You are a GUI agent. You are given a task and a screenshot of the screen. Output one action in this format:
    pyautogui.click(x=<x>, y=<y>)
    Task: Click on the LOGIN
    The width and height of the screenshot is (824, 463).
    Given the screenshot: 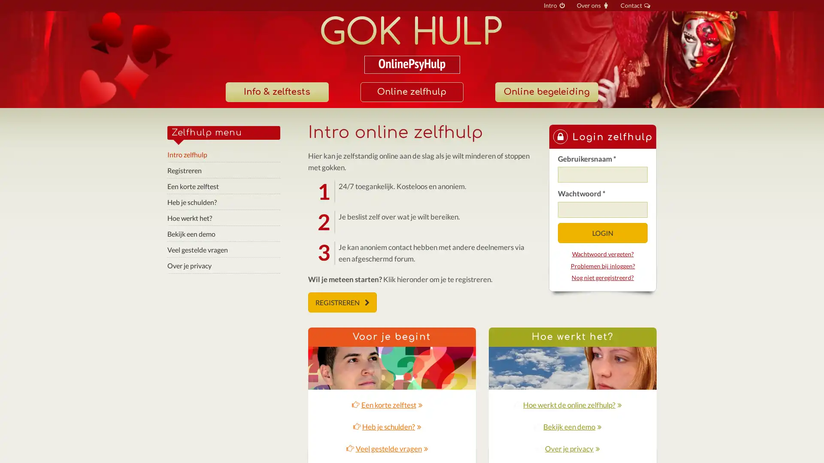 What is the action you would take?
    pyautogui.click(x=602, y=233)
    